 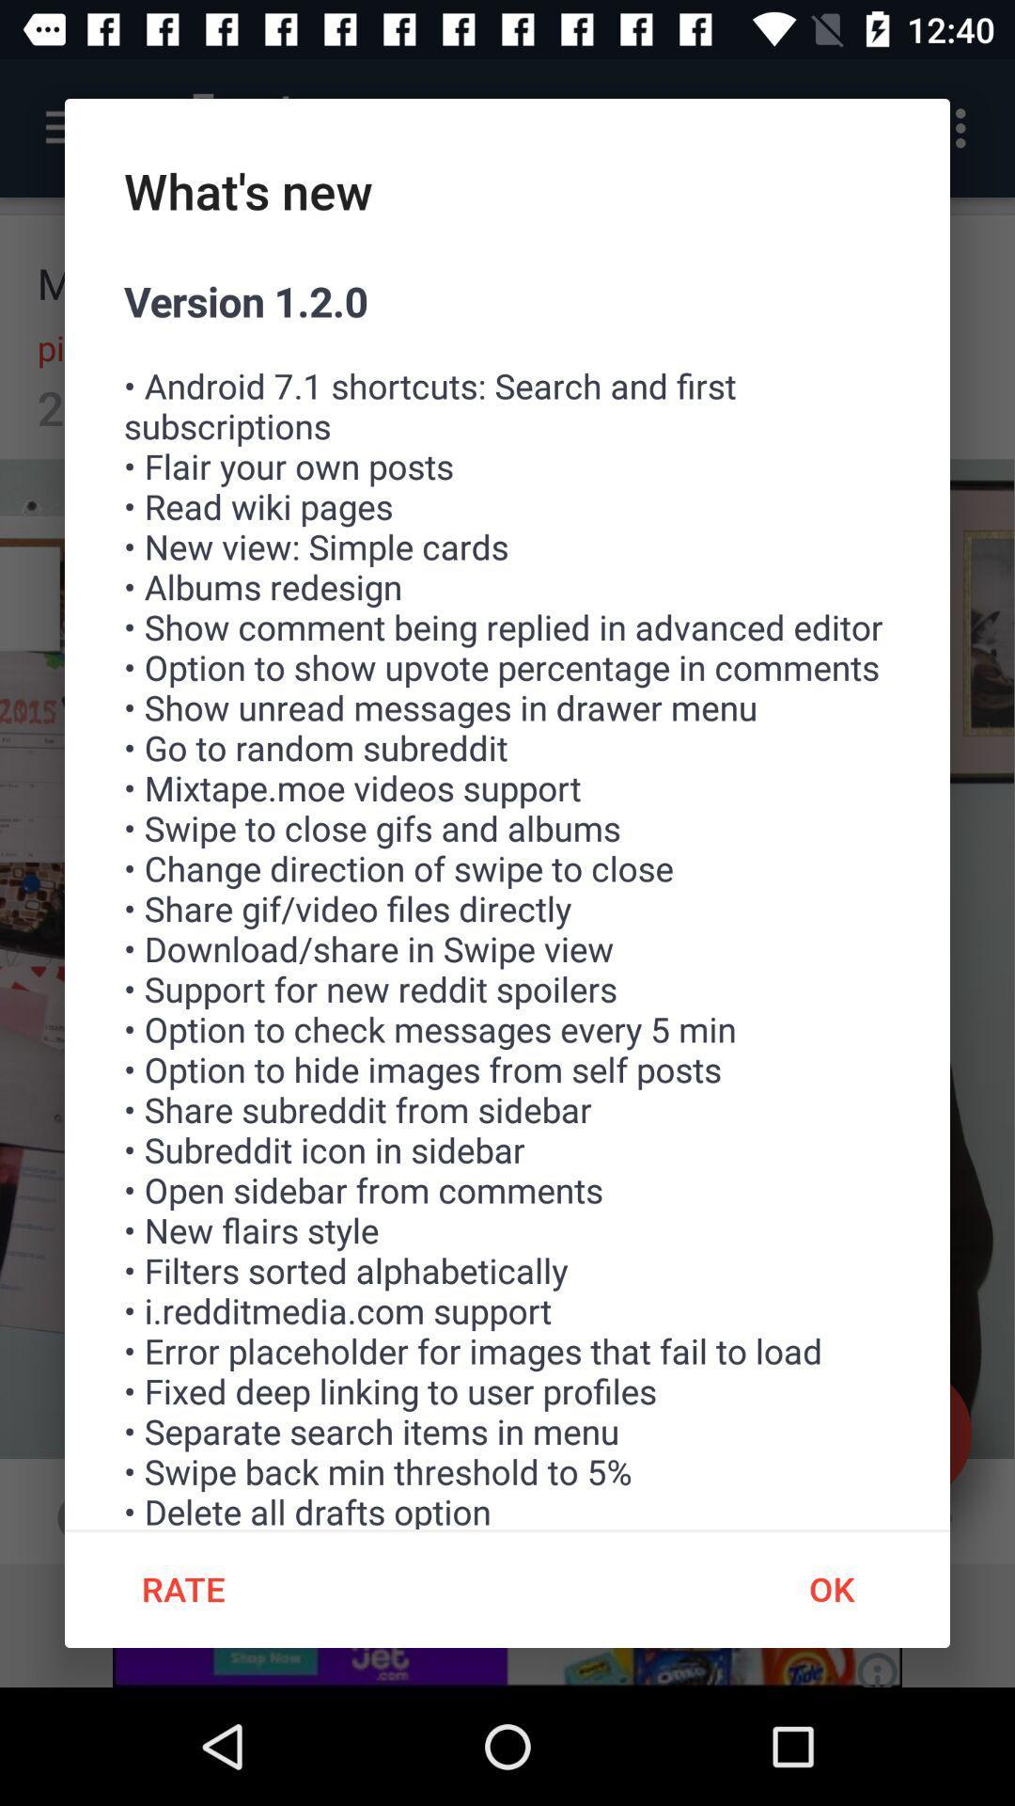 What do you see at coordinates (507, 900) in the screenshot?
I see `item below the what's new icon` at bounding box center [507, 900].